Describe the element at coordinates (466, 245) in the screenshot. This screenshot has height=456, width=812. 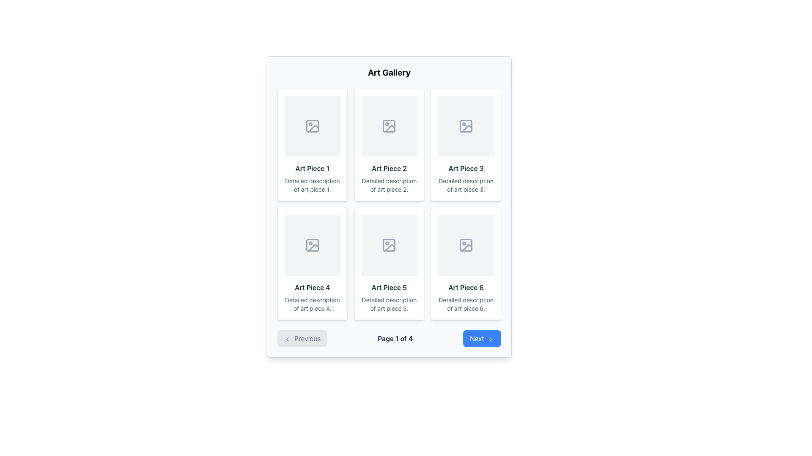
I see `the placeholder icon located in the bottom-right of a grid containing six placeholders, indicating the absence of an actual image` at that location.